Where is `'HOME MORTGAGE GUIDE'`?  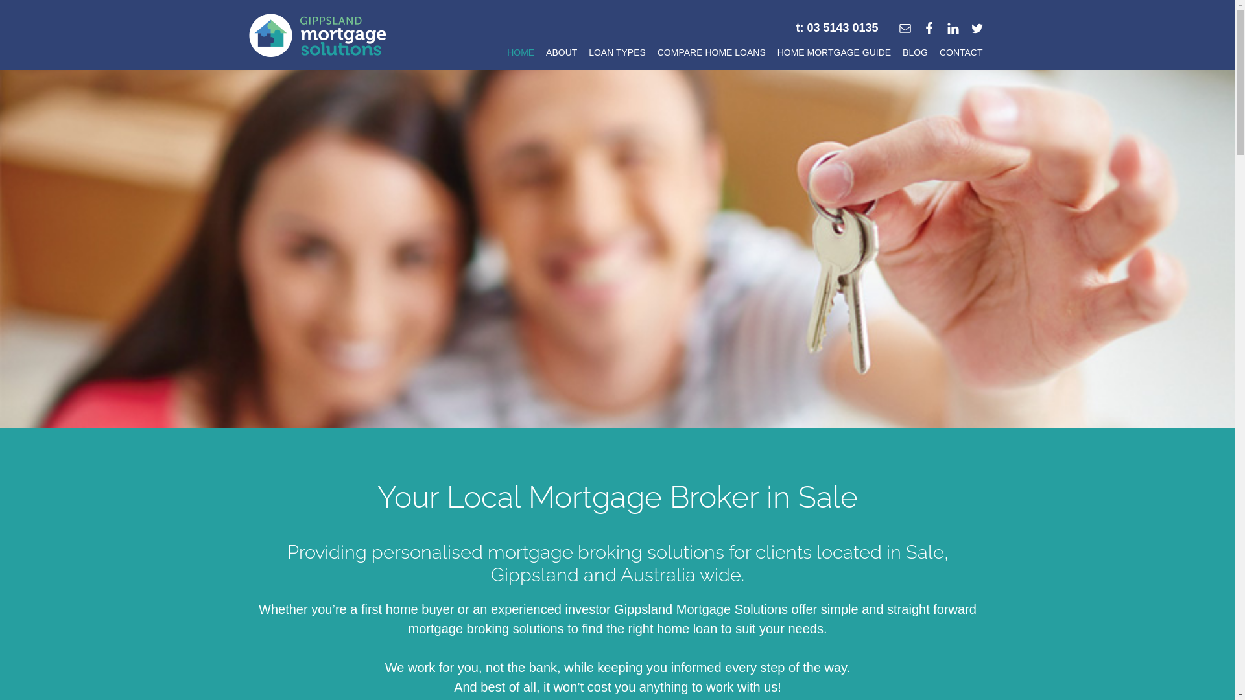
'HOME MORTGAGE GUIDE' is located at coordinates (834, 54).